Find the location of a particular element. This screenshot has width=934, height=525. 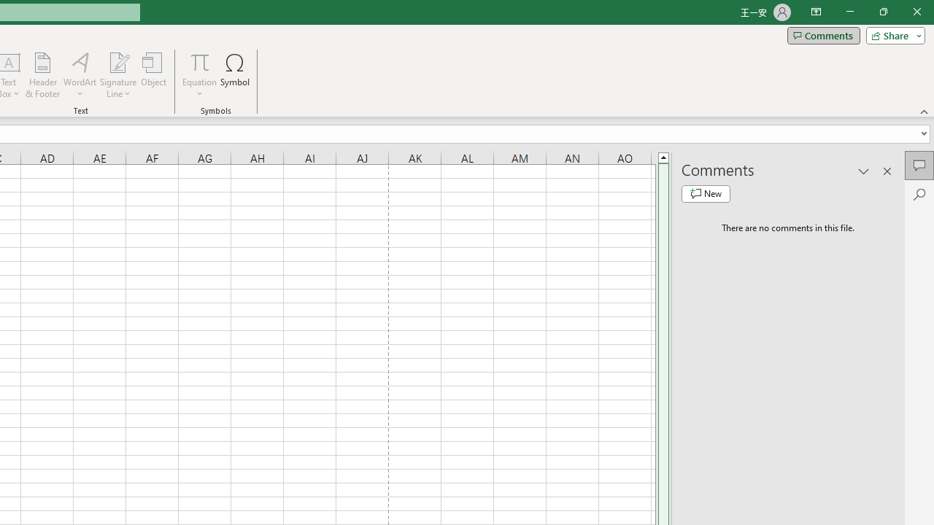

'Close pane' is located at coordinates (887, 171).